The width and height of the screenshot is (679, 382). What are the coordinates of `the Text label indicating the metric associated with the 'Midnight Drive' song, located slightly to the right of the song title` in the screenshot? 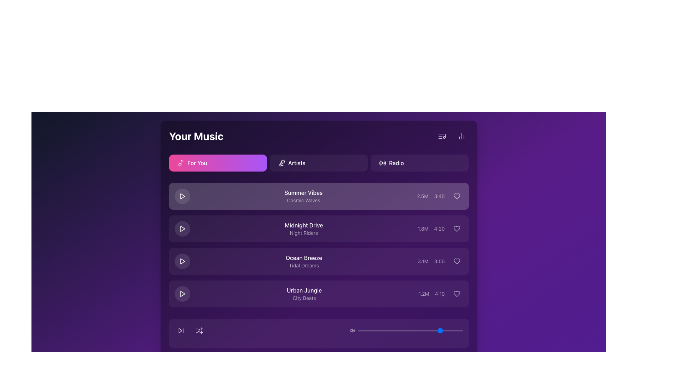 It's located at (423, 229).